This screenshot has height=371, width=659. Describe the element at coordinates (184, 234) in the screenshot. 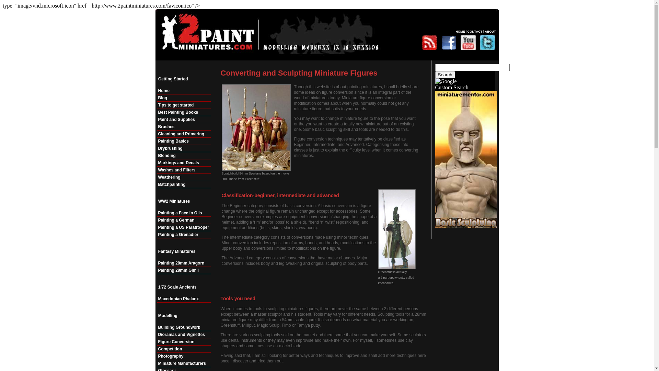

I see `'Painting a Grenadier'` at that location.